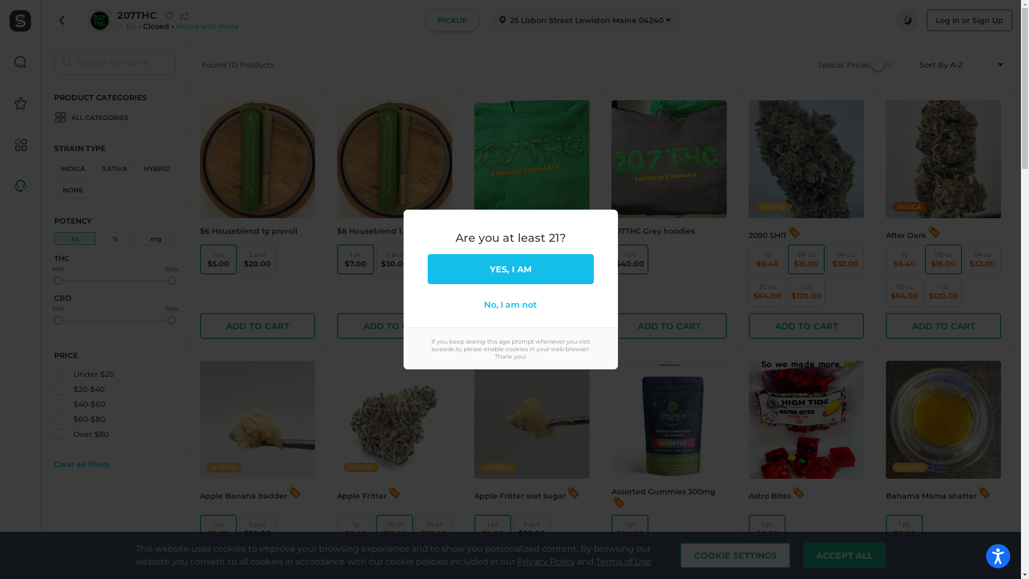 The height and width of the screenshot is (579, 1029). Describe the element at coordinates (155, 237) in the screenshot. I see `'mg'` at that location.